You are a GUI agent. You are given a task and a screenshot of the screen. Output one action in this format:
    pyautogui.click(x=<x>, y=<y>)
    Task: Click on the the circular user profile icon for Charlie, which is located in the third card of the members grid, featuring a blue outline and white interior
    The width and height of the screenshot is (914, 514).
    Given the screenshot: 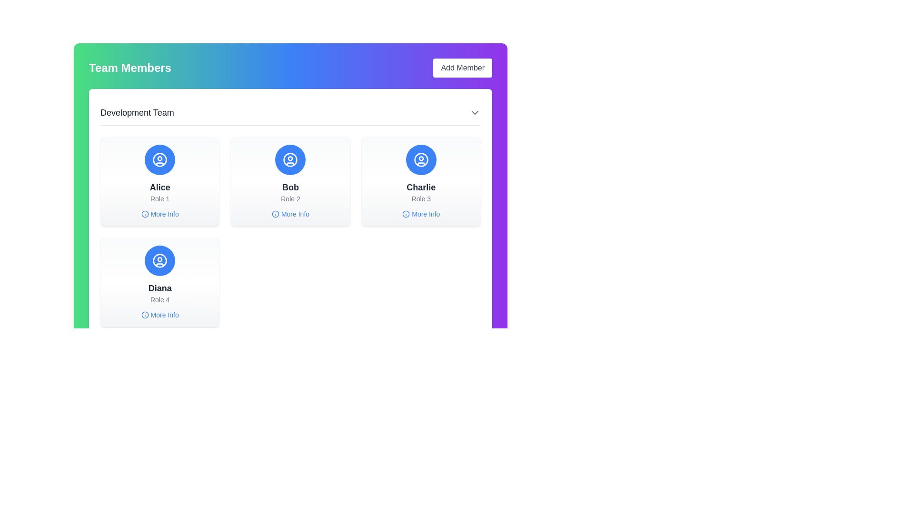 What is the action you would take?
    pyautogui.click(x=420, y=159)
    